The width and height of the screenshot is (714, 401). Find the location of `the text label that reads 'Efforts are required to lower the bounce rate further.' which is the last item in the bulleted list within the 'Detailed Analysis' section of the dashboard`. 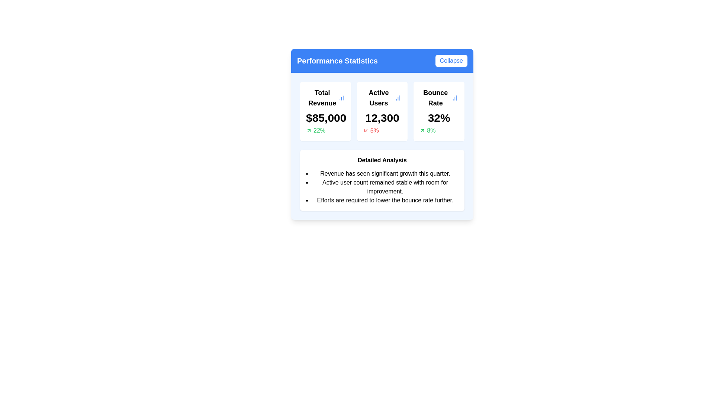

the text label that reads 'Efforts are required to lower the bounce rate further.' which is the last item in the bulleted list within the 'Detailed Analysis' section of the dashboard is located at coordinates (385, 200).